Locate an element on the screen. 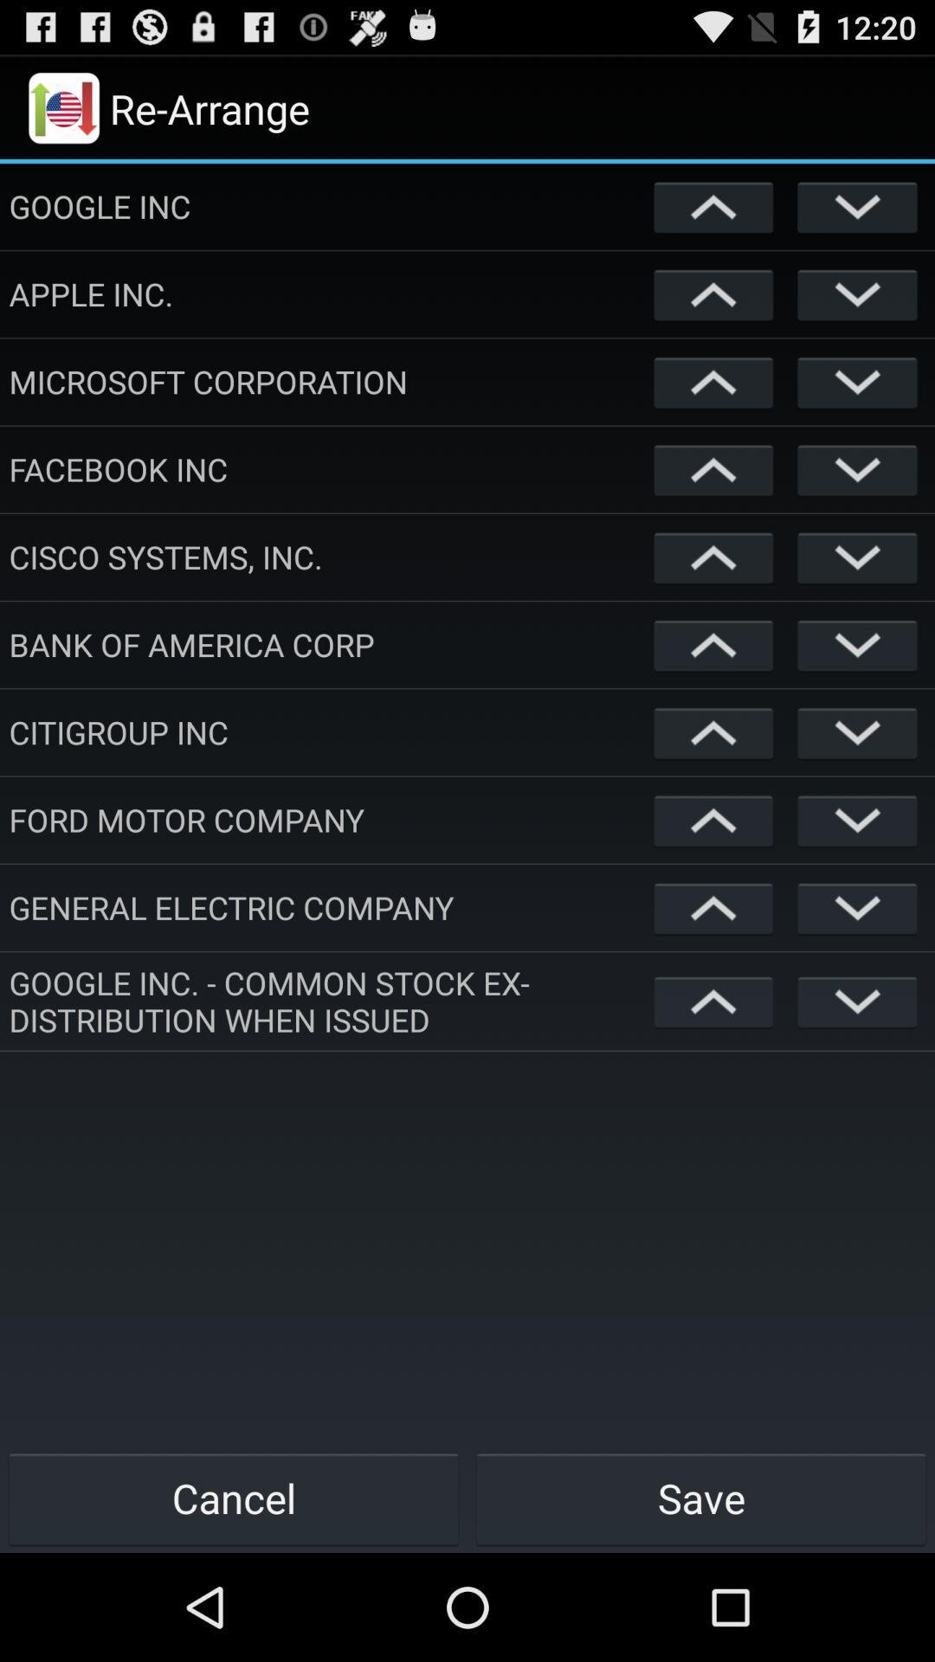  the save icon is located at coordinates (701, 1498).